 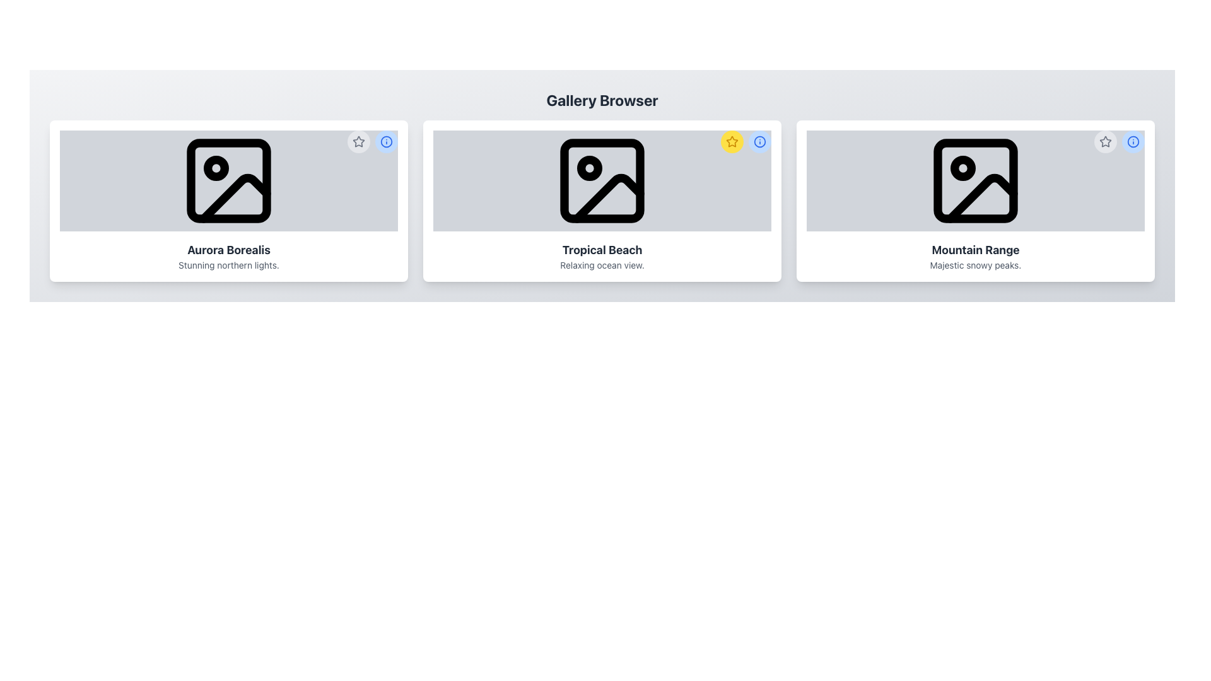 What do you see at coordinates (974, 250) in the screenshot?
I see `text label displaying 'Mountain Range', which is styled with bold typography and positioned in the lower section of the rightmost panel of the gallery layout` at bounding box center [974, 250].